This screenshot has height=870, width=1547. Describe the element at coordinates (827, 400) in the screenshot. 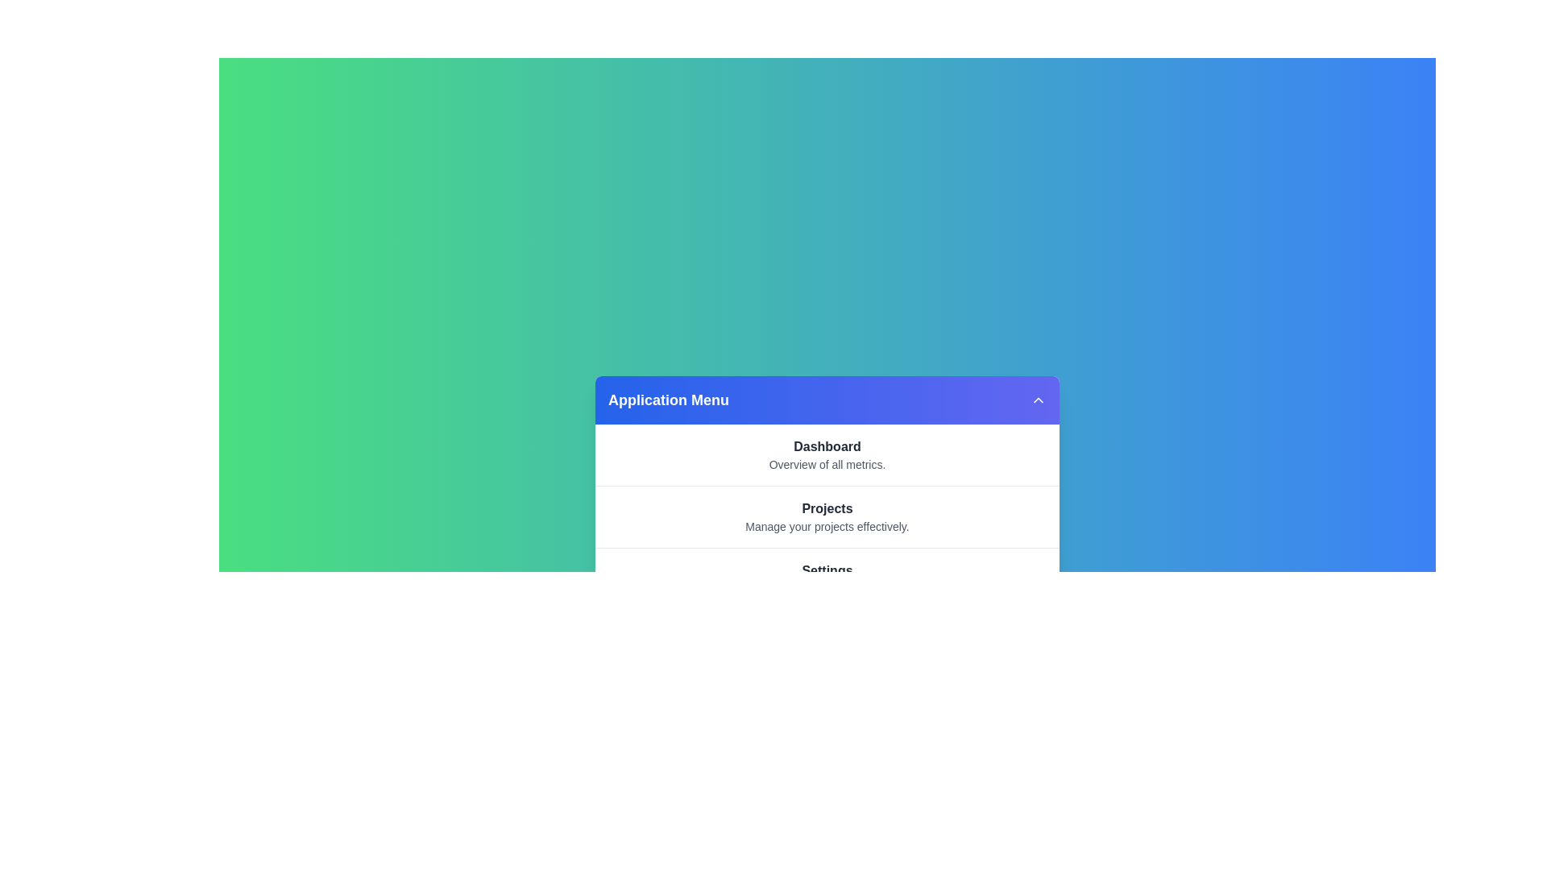

I see `the header area of the menu to toggle its content visibility` at that location.